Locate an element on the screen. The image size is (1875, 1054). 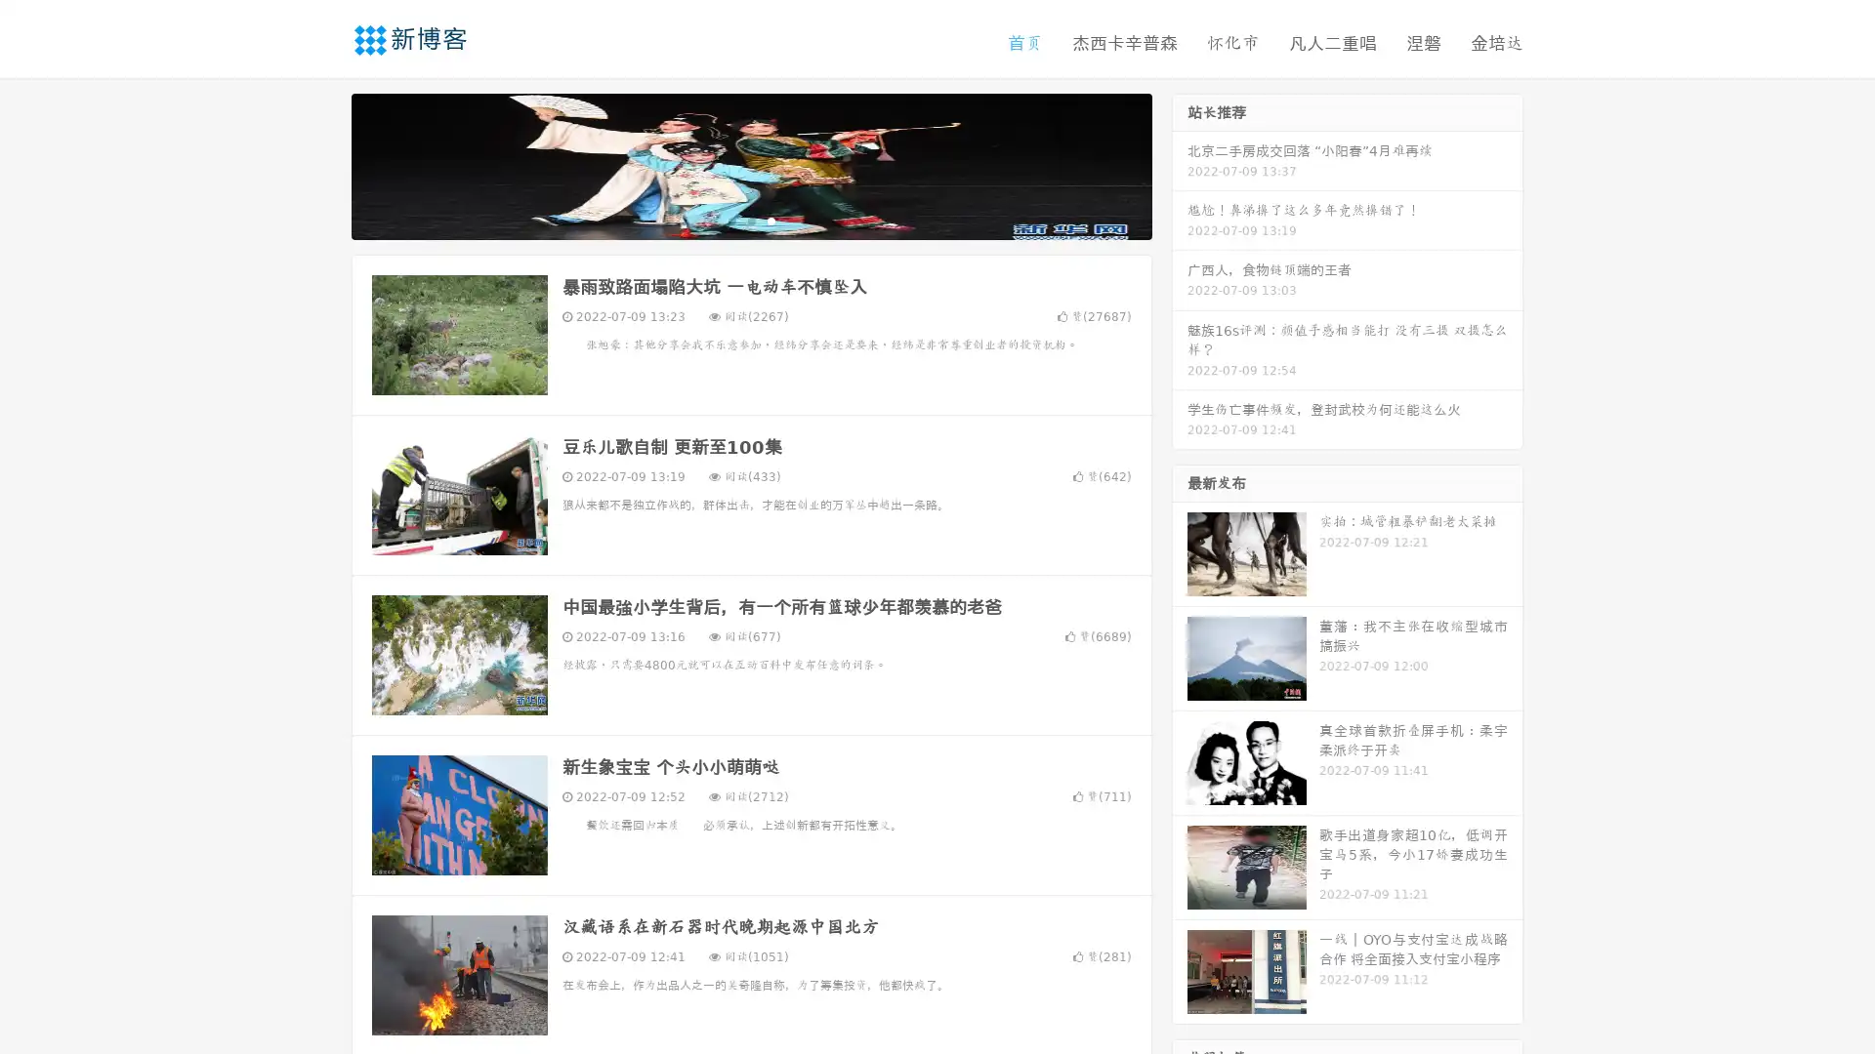
Next slide is located at coordinates (1180, 164).